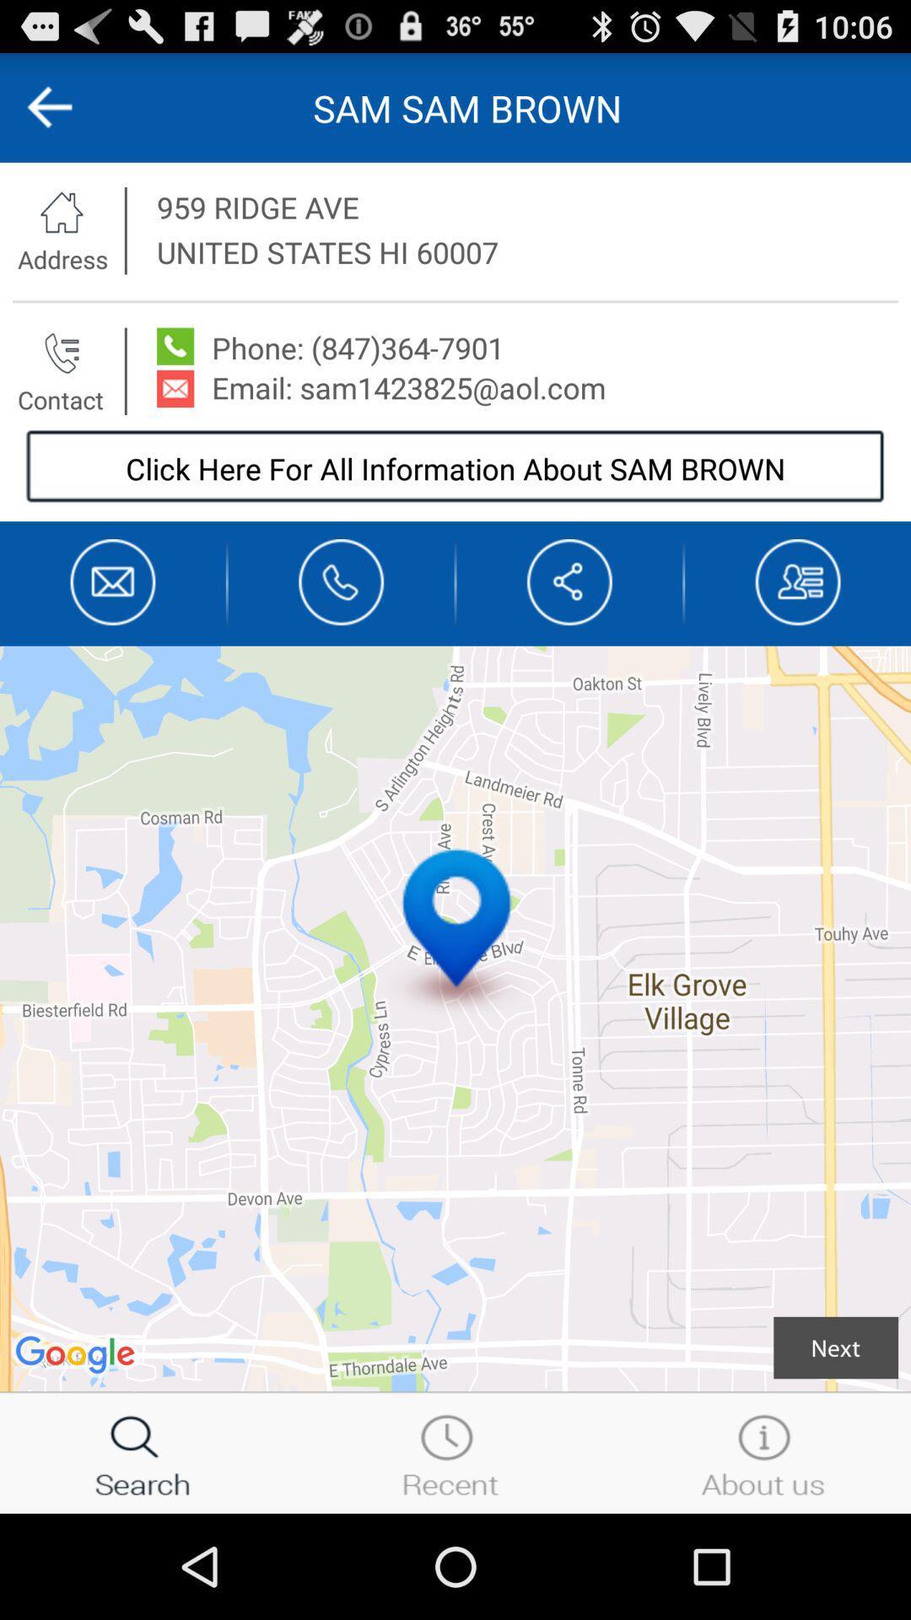 Image resolution: width=911 pixels, height=1620 pixels. Describe the element at coordinates (48, 114) in the screenshot. I see `the arrow_backward icon` at that location.